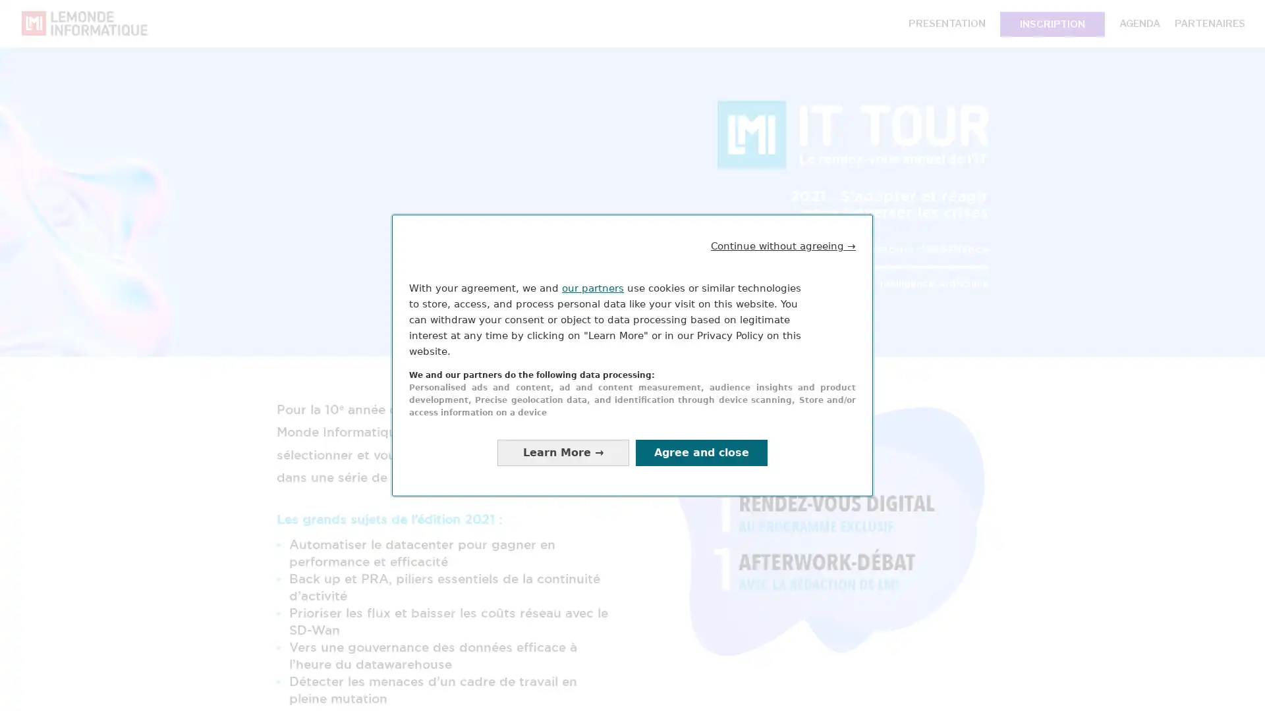 The width and height of the screenshot is (1265, 711). I want to click on Agree to our data processing and close, so click(701, 452).